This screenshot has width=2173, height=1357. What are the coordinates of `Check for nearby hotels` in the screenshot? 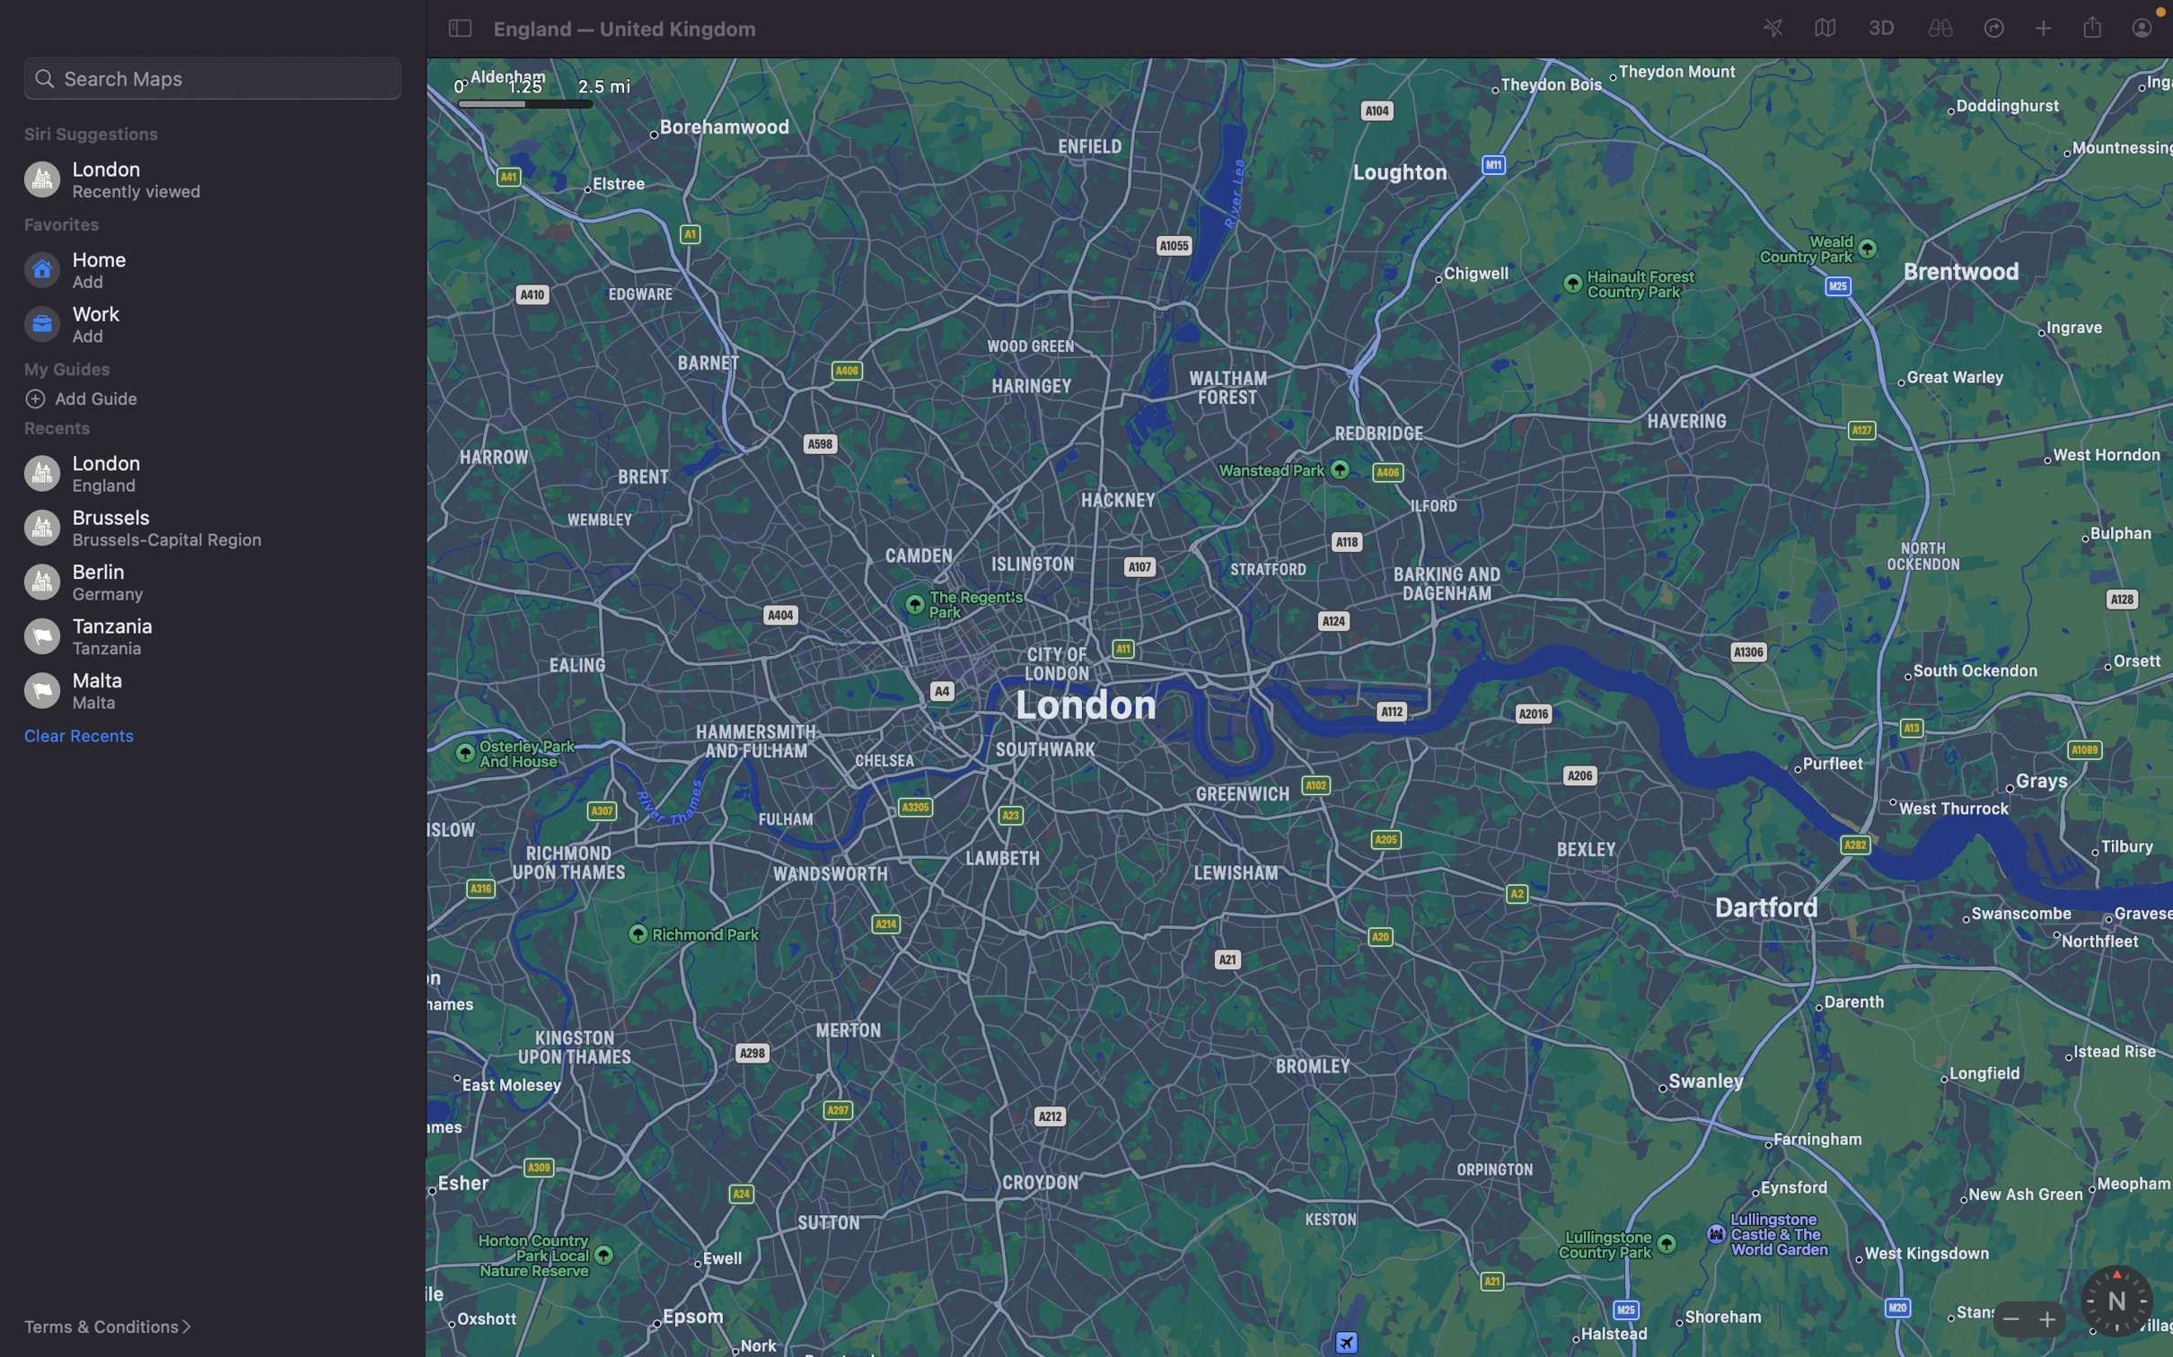 It's located at (213, 77).